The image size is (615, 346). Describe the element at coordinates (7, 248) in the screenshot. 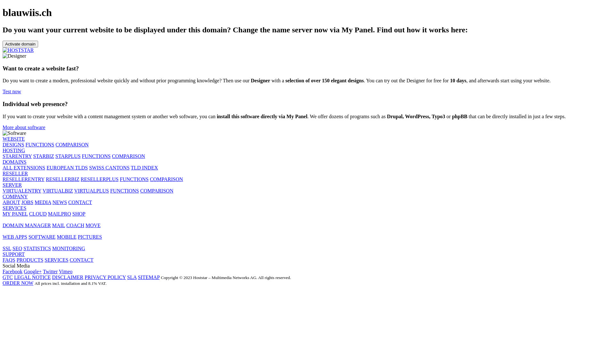

I see `'SSL'` at that location.